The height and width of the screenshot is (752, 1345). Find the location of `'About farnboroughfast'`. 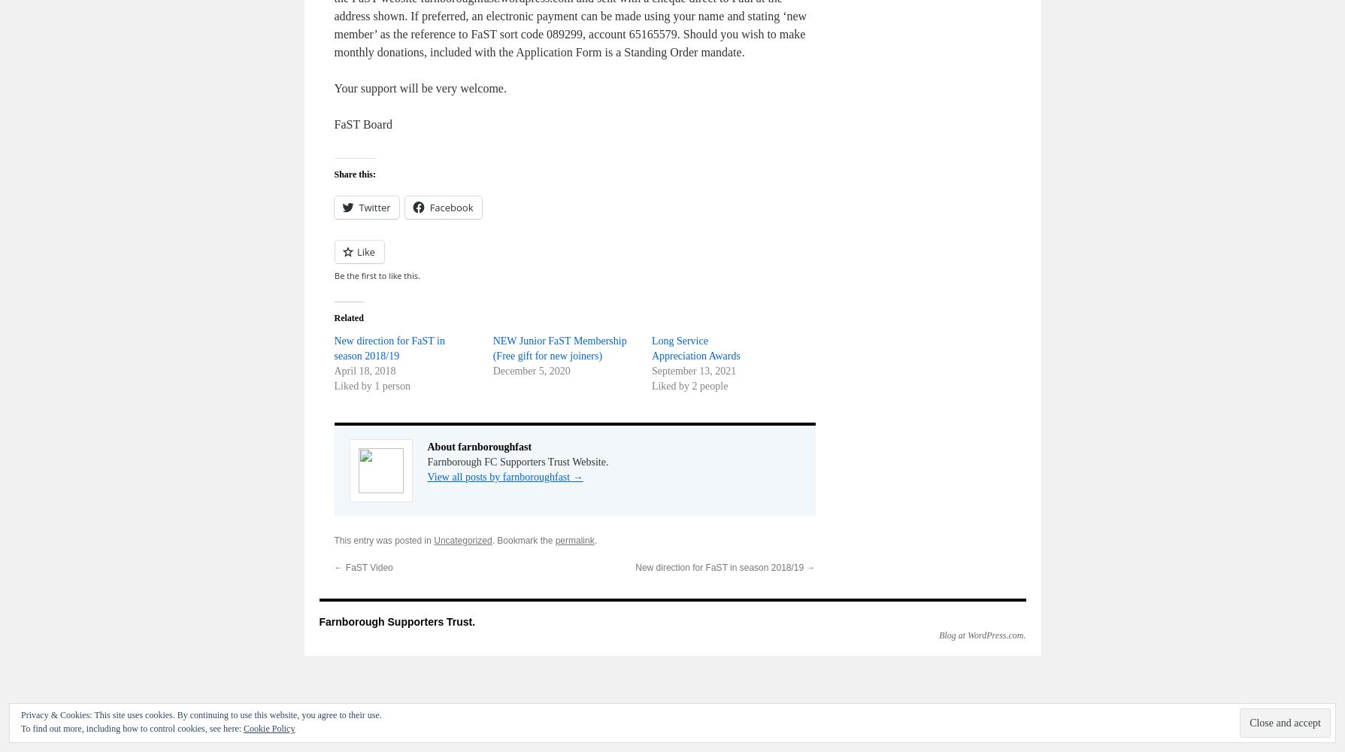

'About farnboroughfast' is located at coordinates (426, 446).